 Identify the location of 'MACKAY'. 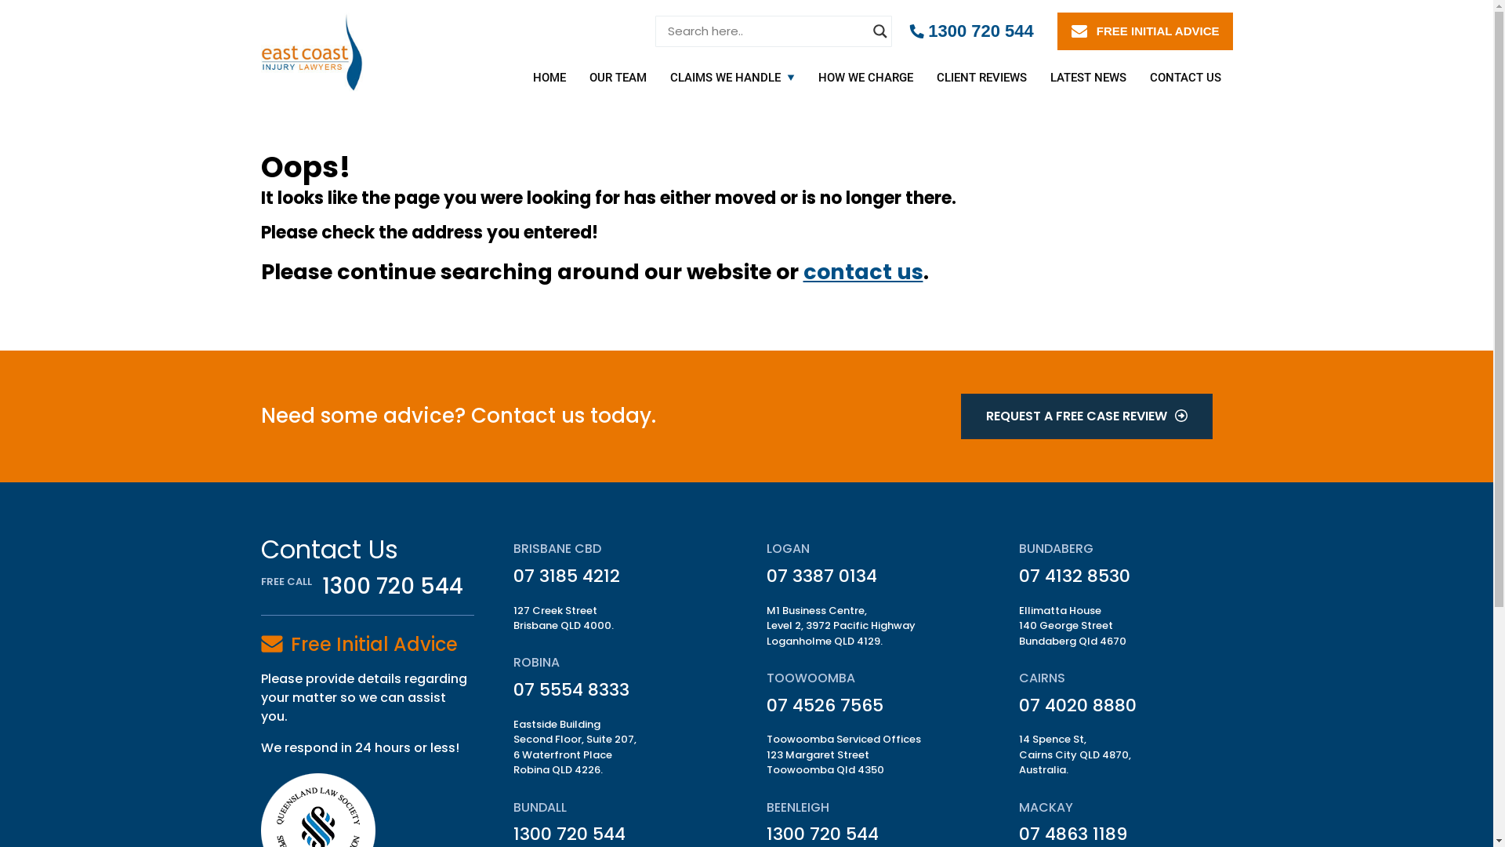
(1046, 807).